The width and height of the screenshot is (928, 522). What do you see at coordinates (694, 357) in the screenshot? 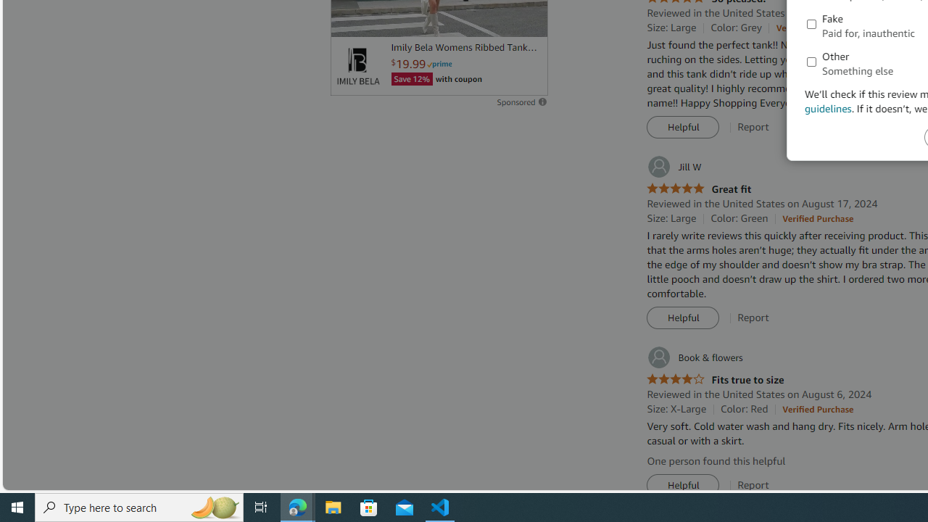
I see `'Book & flowers'` at bounding box center [694, 357].